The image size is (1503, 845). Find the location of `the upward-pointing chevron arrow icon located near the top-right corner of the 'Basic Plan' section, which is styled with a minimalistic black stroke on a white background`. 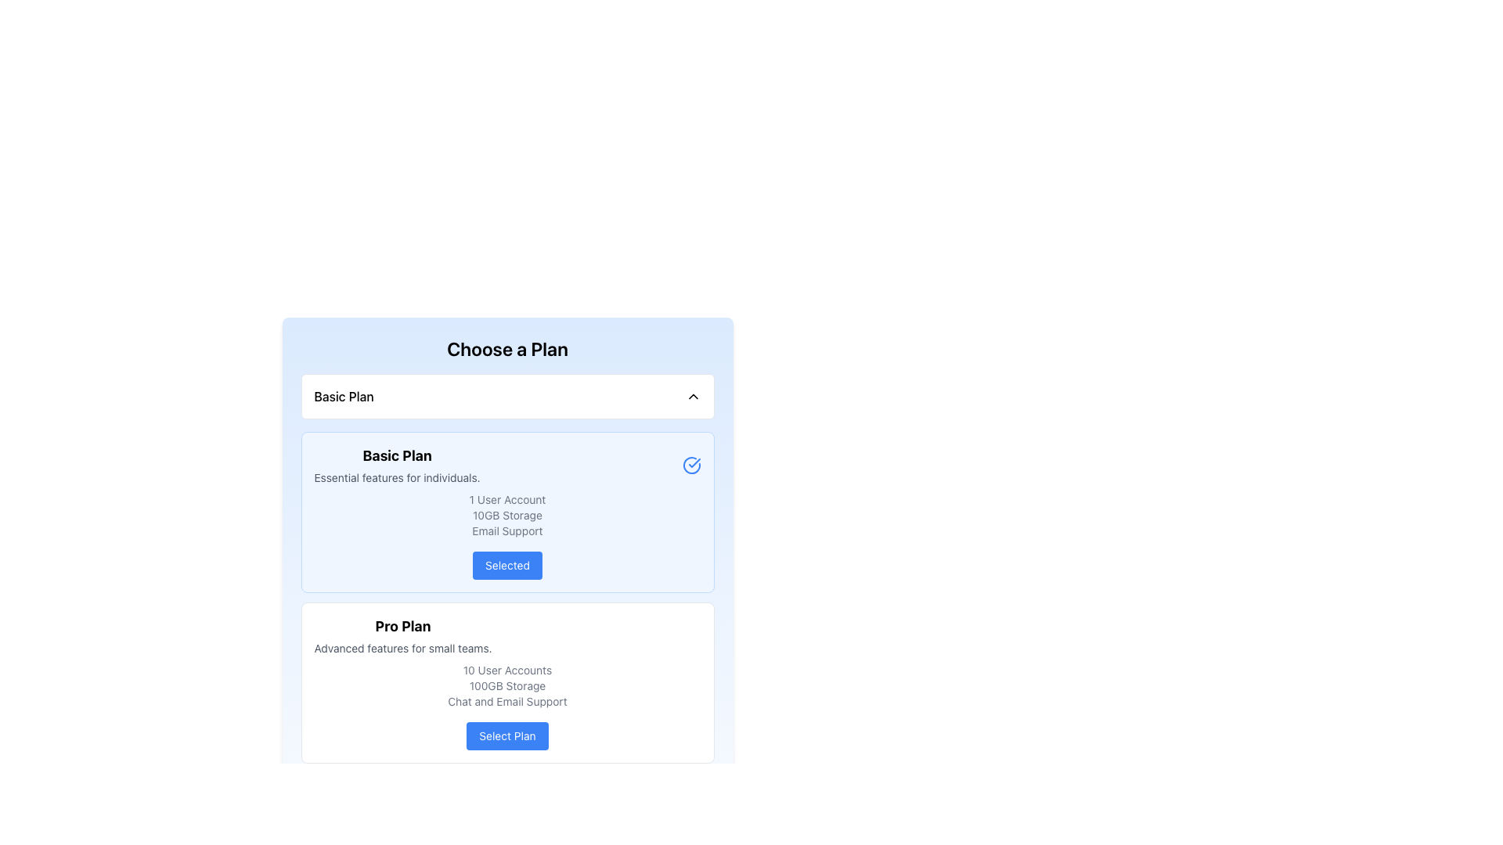

the upward-pointing chevron arrow icon located near the top-right corner of the 'Basic Plan' section, which is styled with a minimalistic black stroke on a white background is located at coordinates (692, 395).